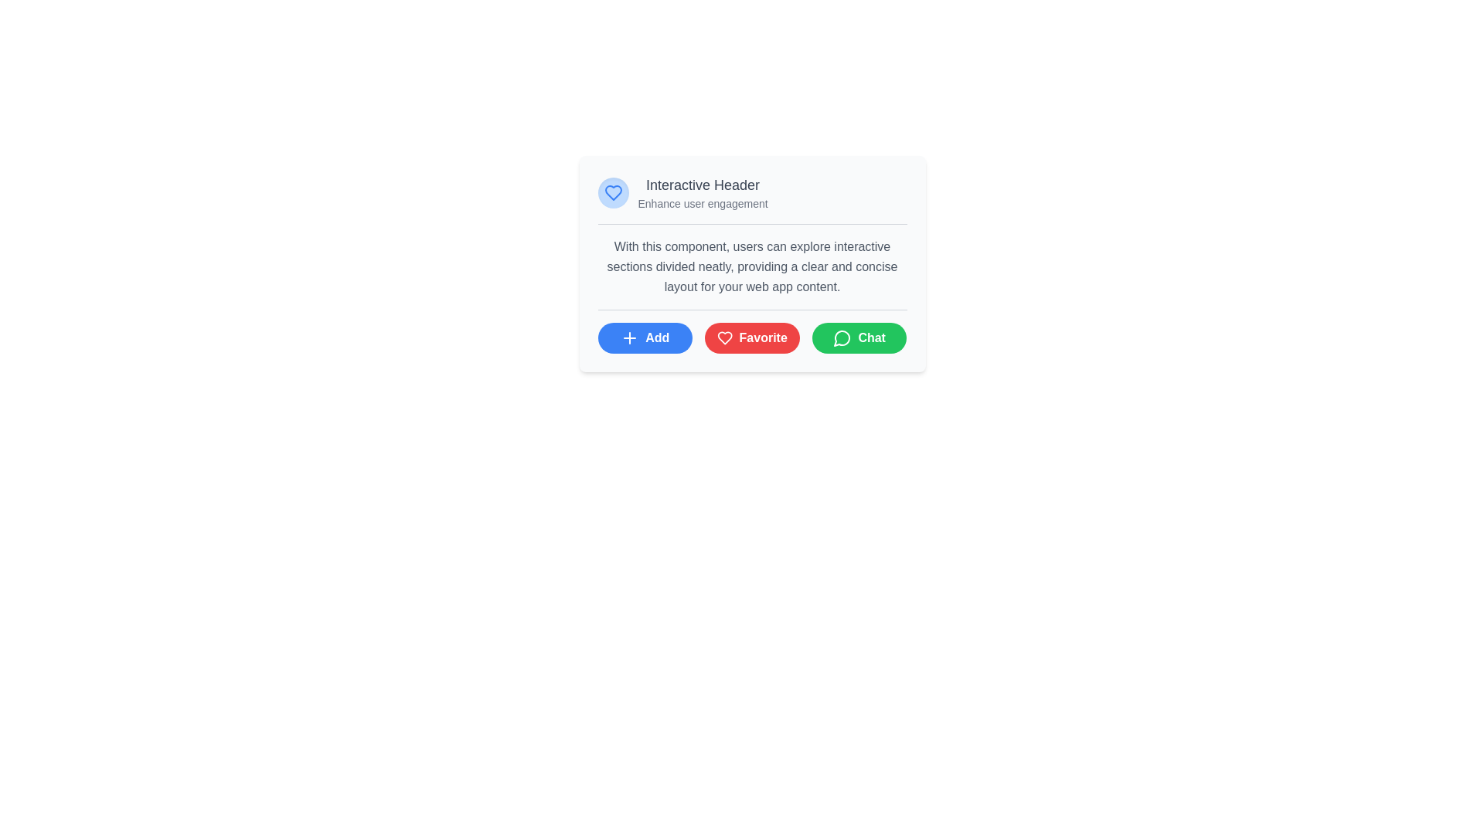  What do you see at coordinates (724, 337) in the screenshot?
I see `the heart-shaped red icon located below the 'Interactive Header' text` at bounding box center [724, 337].